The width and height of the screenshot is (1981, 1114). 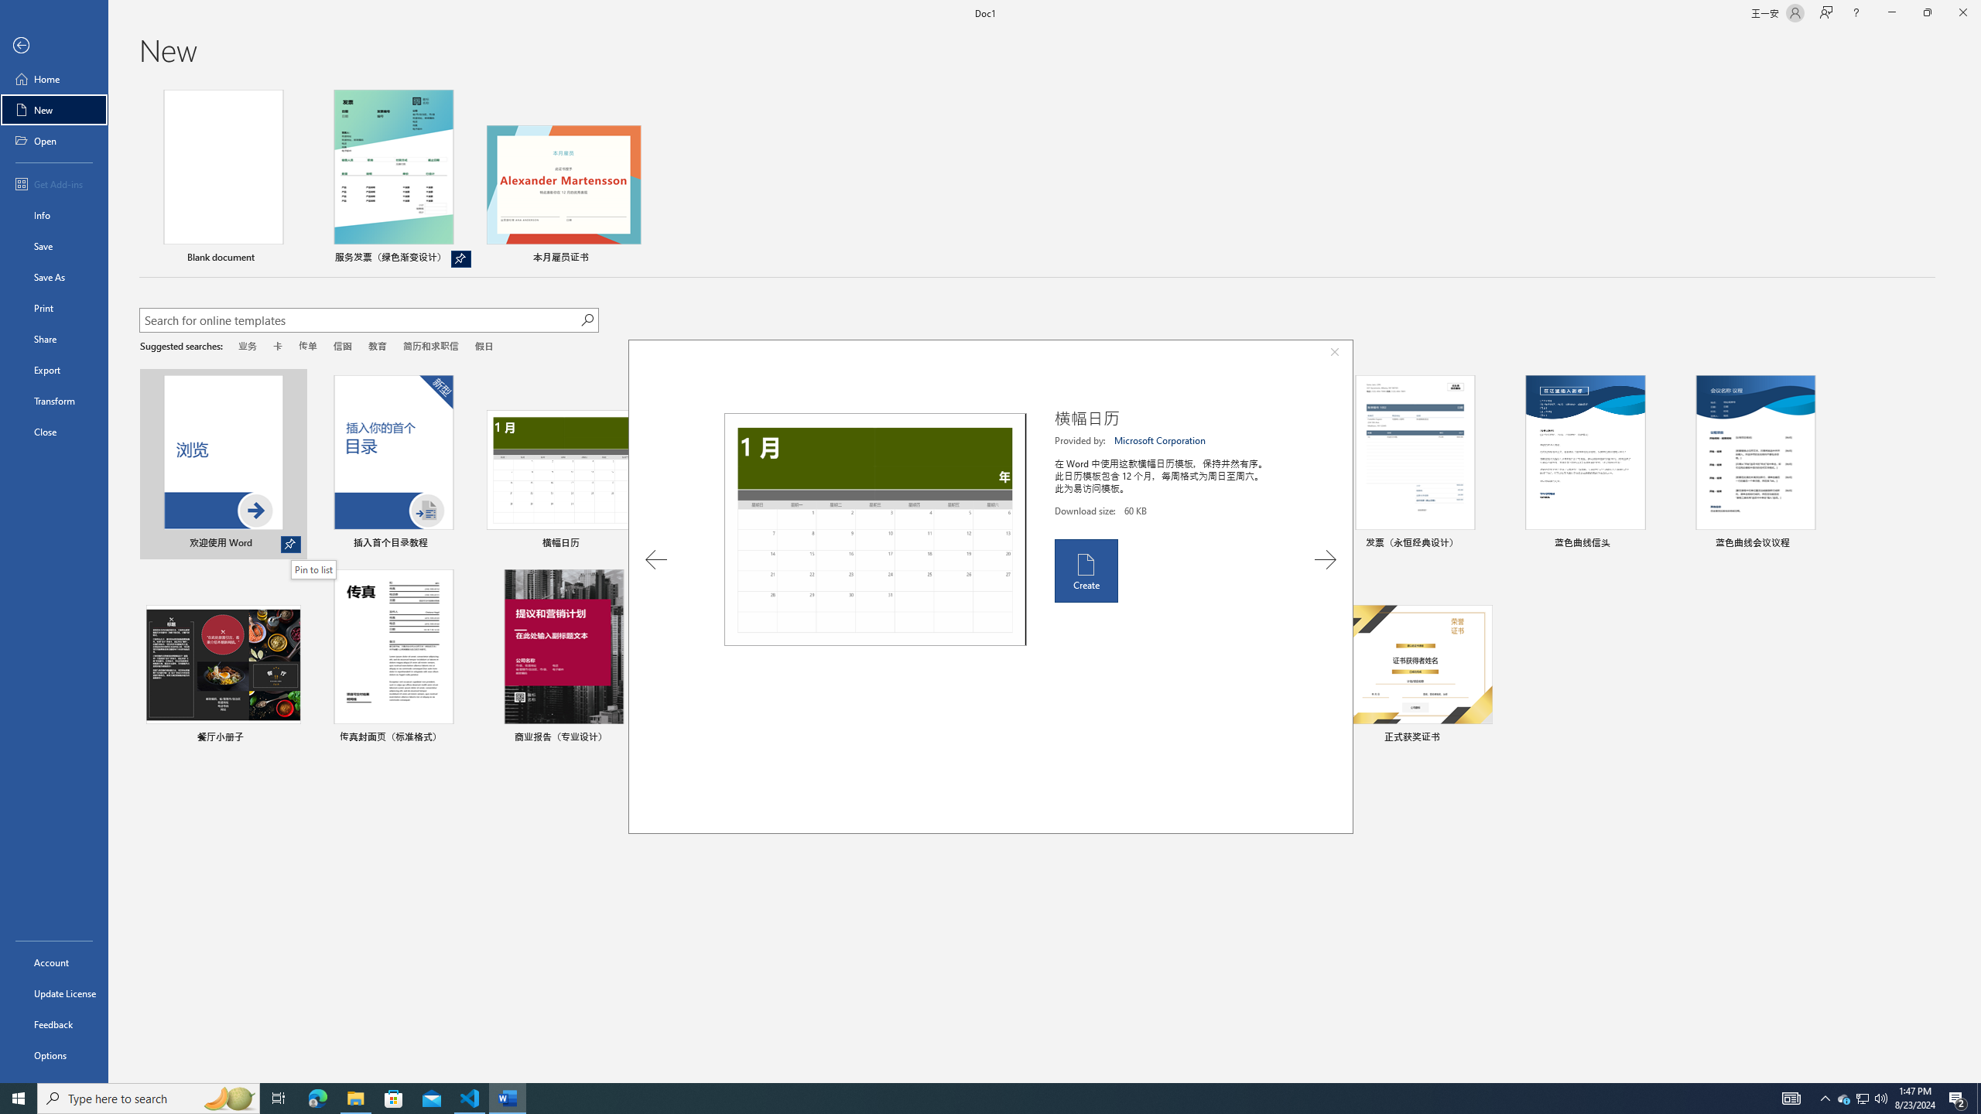 What do you see at coordinates (1085, 569) in the screenshot?
I see `'Create'` at bounding box center [1085, 569].